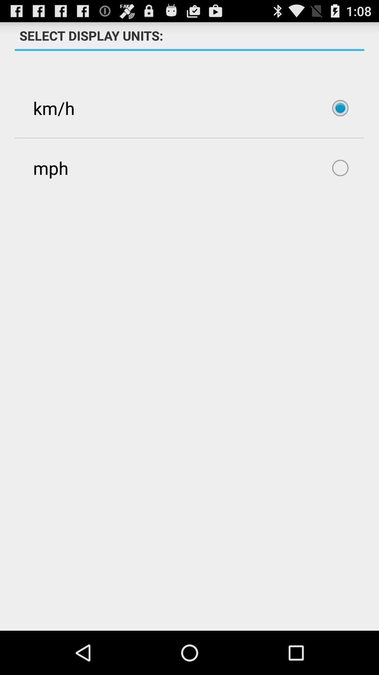 The height and width of the screenshot is (675, 379). I want to click on icon below the km/h item, so click(189, 167).